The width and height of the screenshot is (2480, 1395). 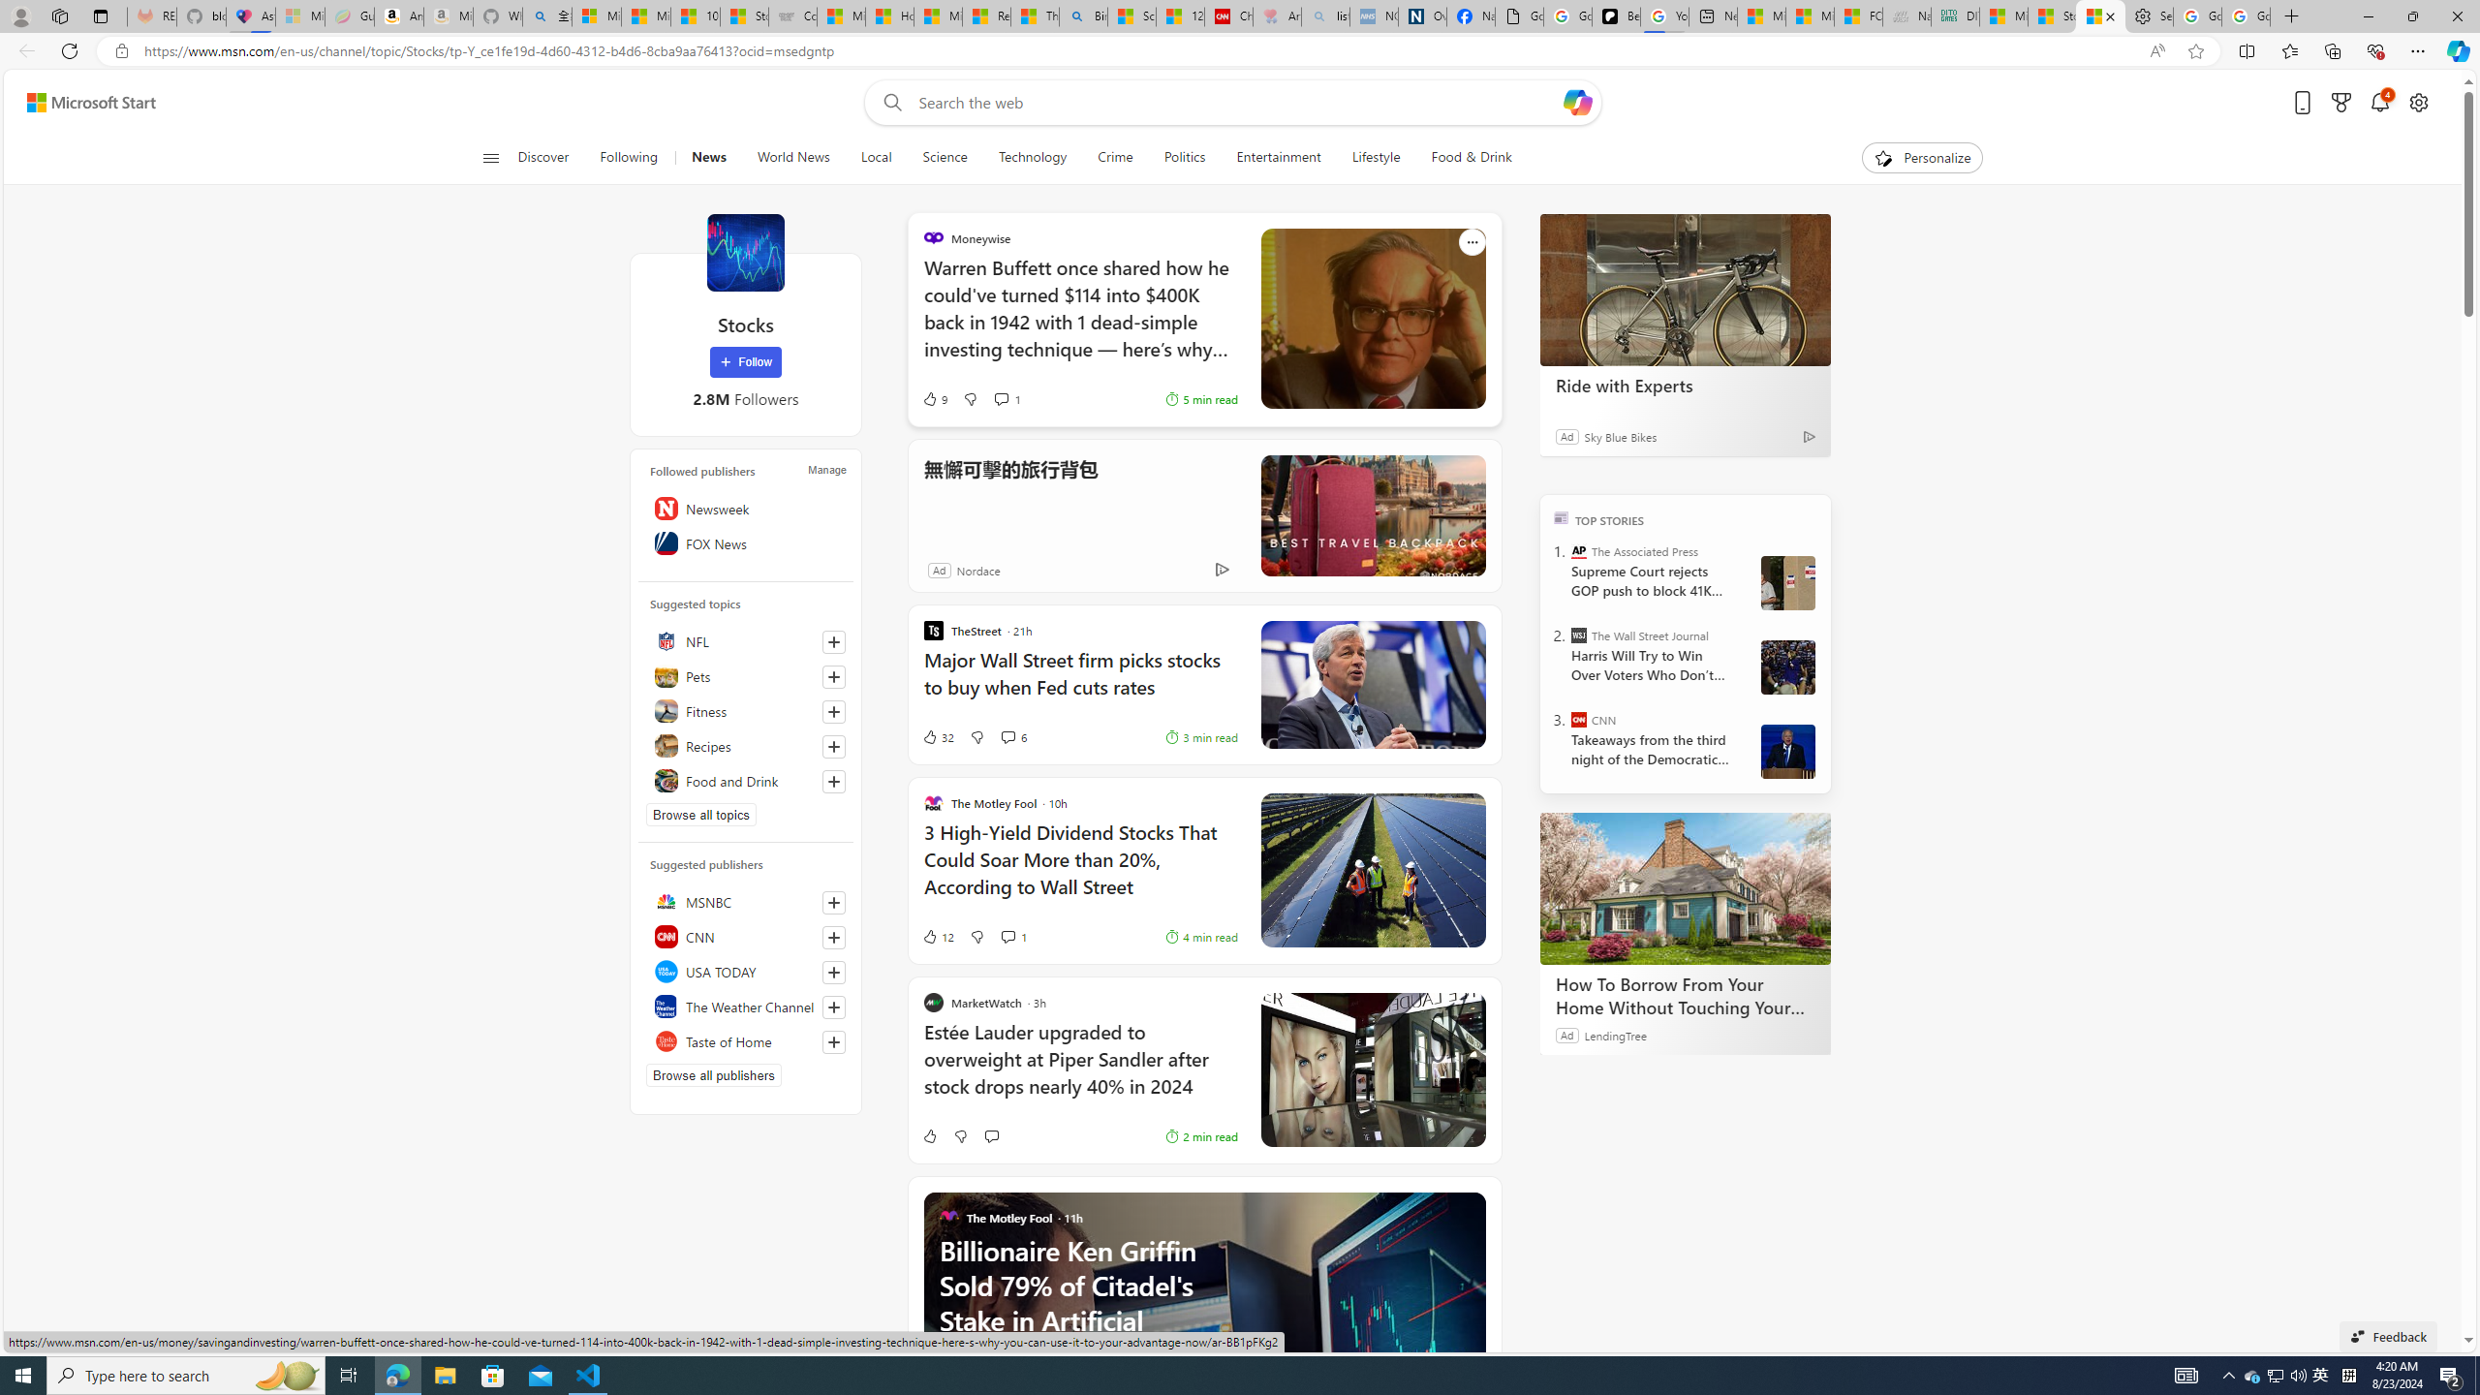 What do you see at coordinates (1619, 435) in the screenshot?
I see `'Sky Blue Bikes'` at bounding box center [1619, 435].